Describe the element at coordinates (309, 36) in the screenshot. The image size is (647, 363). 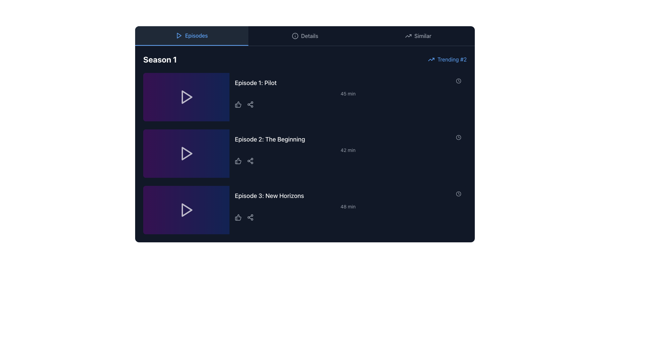
I see `the 'Details' text label, which is styled in light gray against a dark background and is positioned in the horizontal navigation bar` at that location.